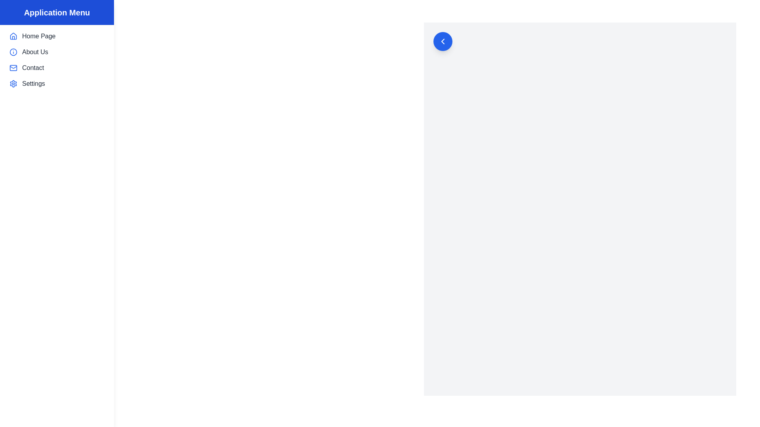 This screenshot has width=760, height=427. I want to click on the outlined envelope icon representing the 'Contact' menu item in the vertical menu, so click(13, 68).